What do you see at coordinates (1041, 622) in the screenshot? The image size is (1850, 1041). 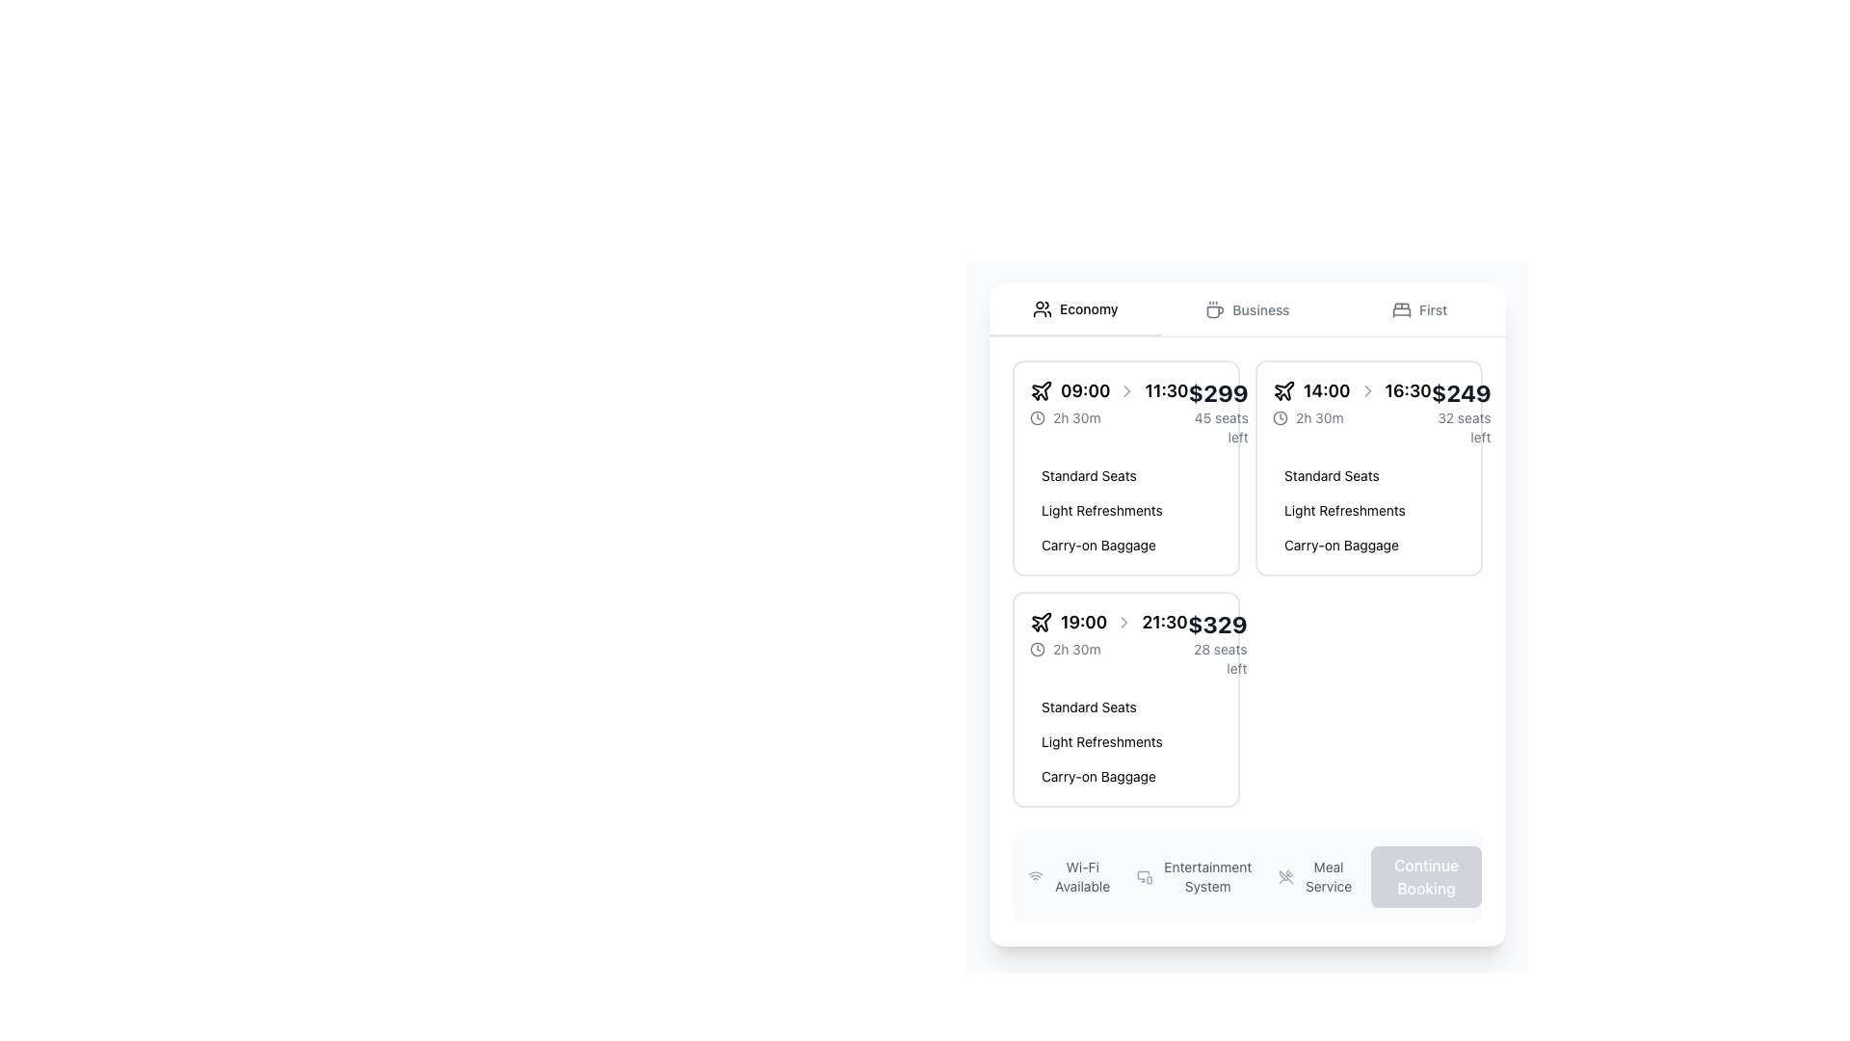 I see `the flight-related SVG icon located in the lower-left section under the 'Economy' tab of the flight selection panel to indicate interest or selection in the flight details for the departure time of '19:00'` at bounding box center [1041, 622].